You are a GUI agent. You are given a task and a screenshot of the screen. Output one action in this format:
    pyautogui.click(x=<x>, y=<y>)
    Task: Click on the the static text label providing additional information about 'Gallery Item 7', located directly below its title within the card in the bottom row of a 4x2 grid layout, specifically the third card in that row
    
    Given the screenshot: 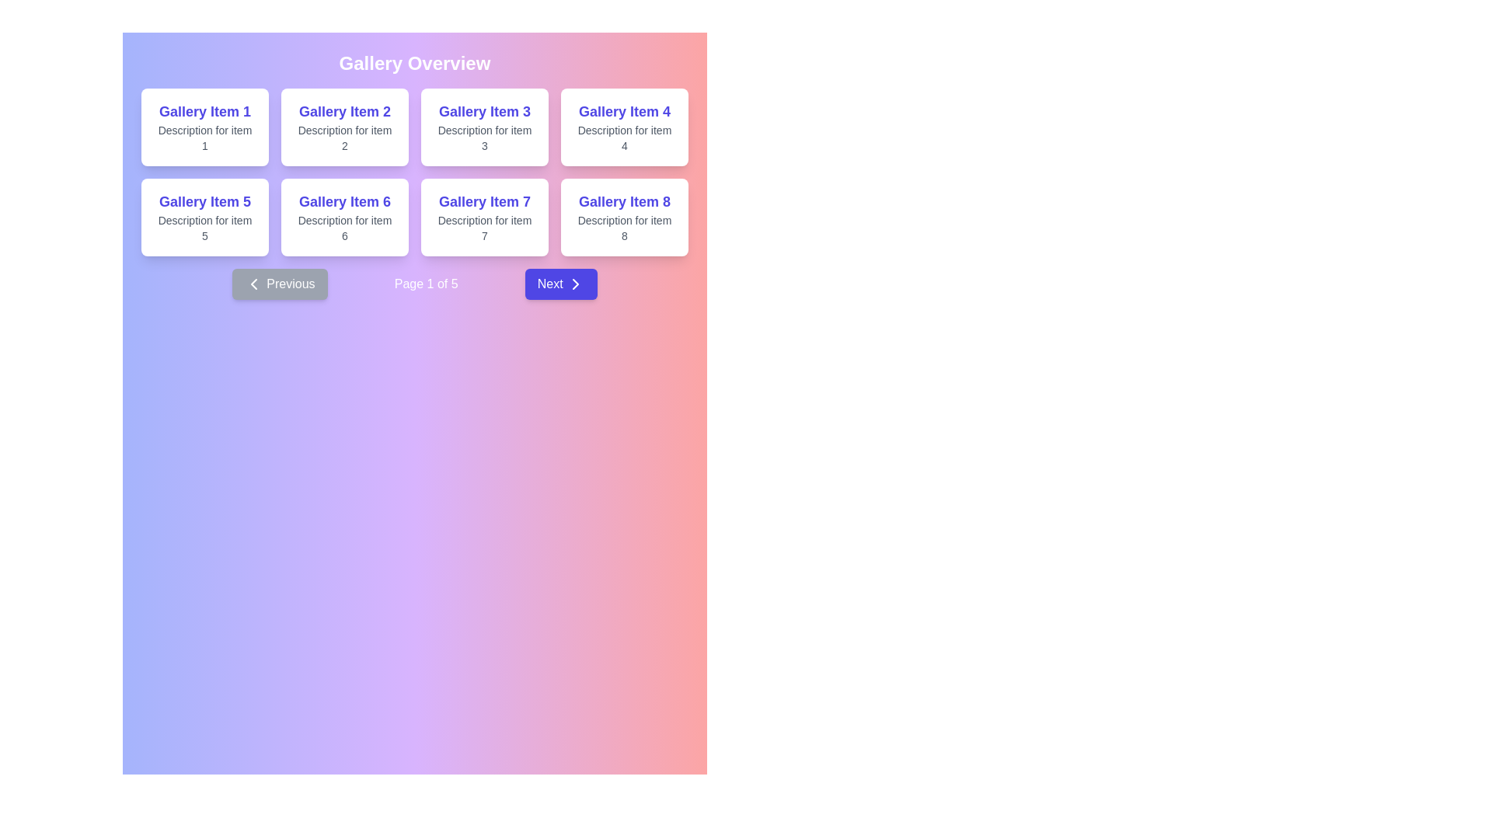 What is the action you would take?
    pyautogui.click(x=484, y=228)
    